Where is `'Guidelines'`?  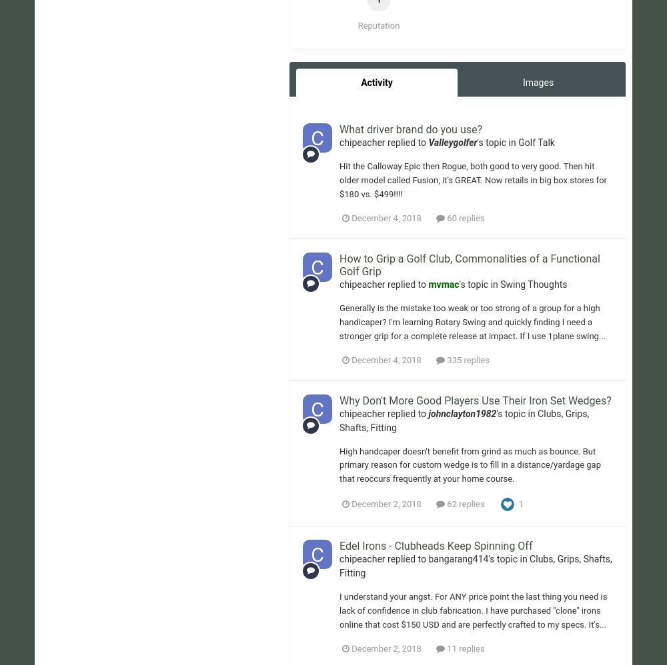 'Guidelines' is located at coordinates (445, 237).